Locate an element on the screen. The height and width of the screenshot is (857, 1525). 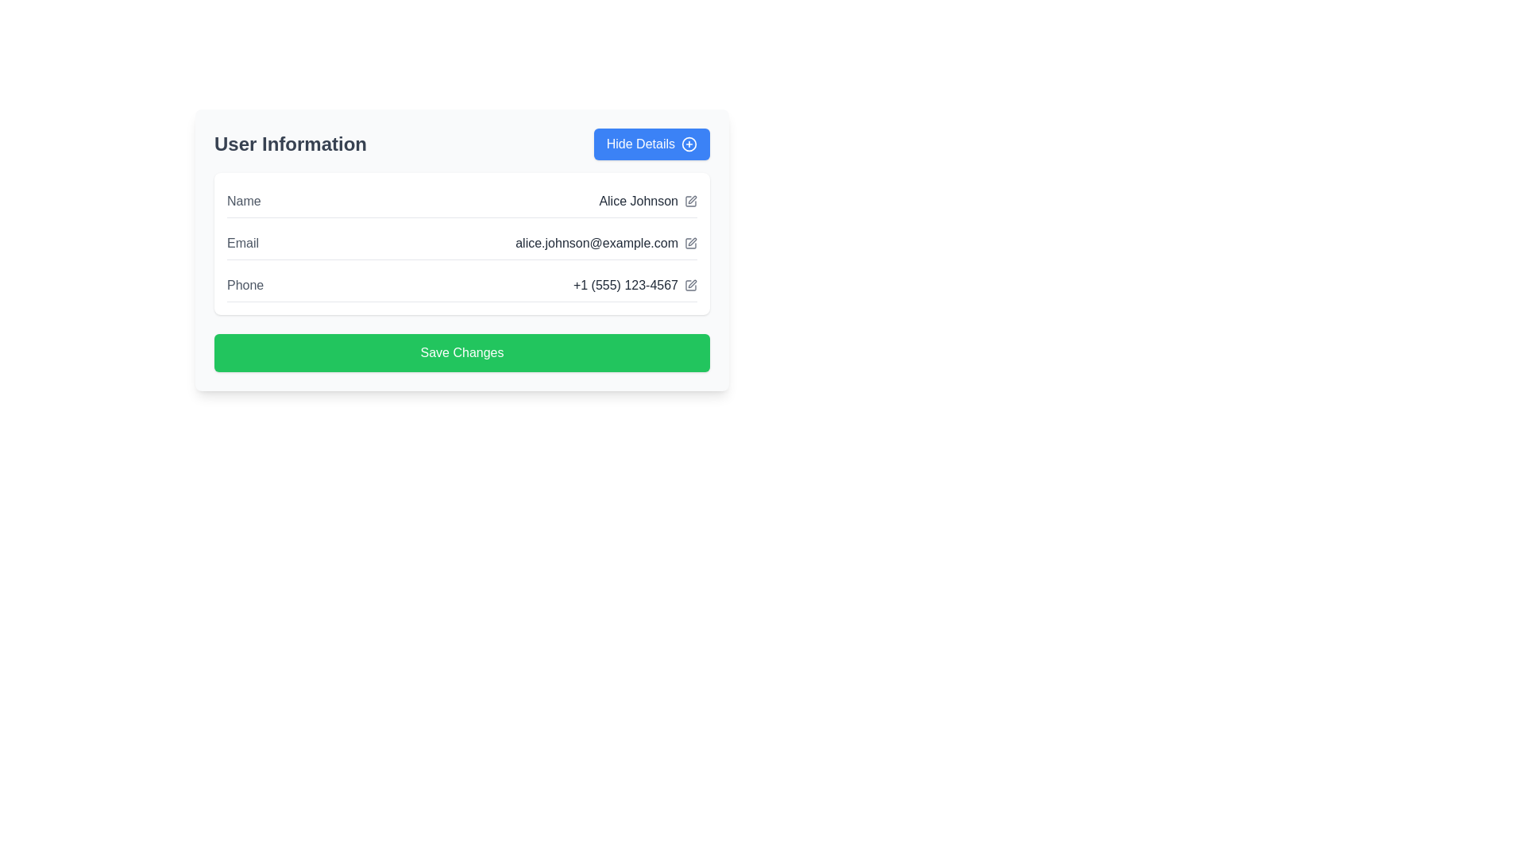
the edit or pencil icon located to the right of the email address field labeled 'alice.johnson@example.com' in the 'User Information' section is located at coordinates (693, 241).